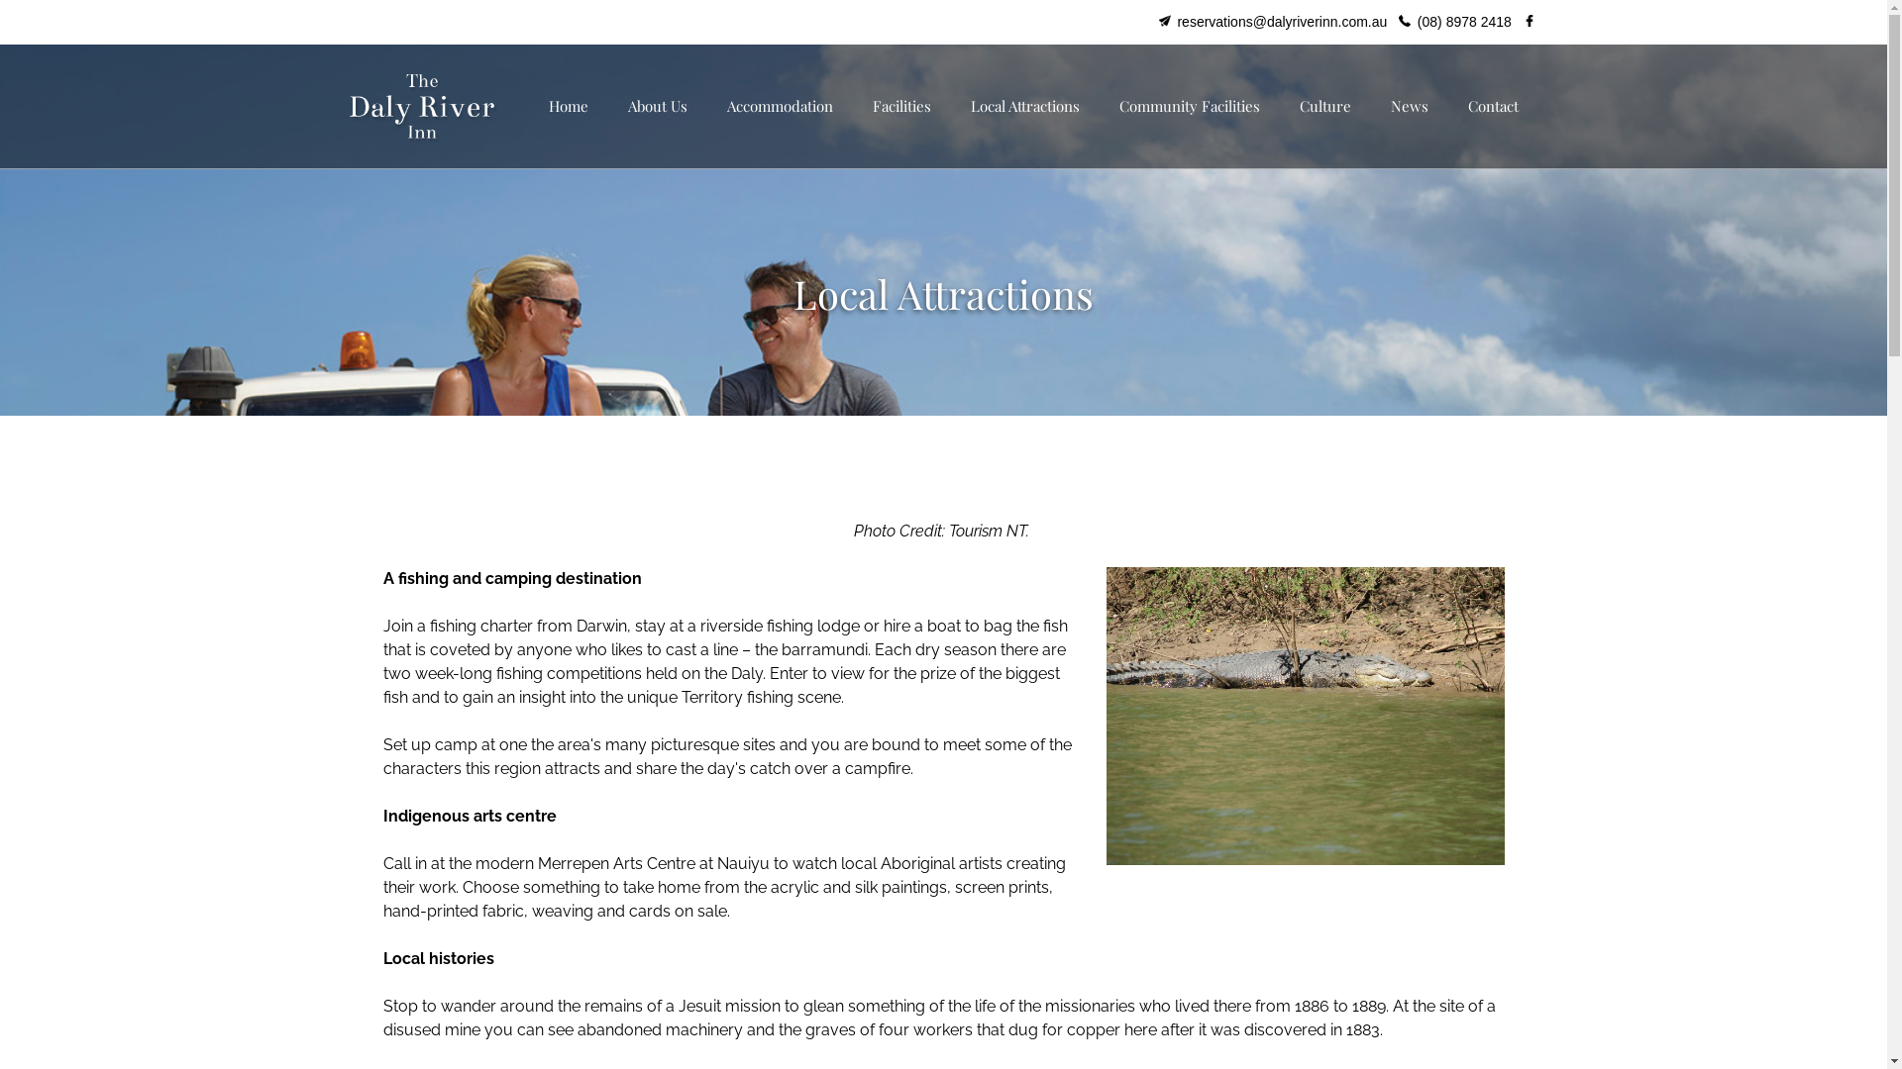  Describe the element at coordinates (779, 106) in the screenshot. I see `'Accommodation'` at that location.